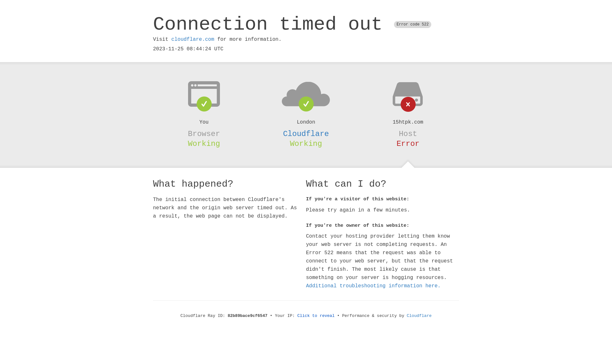 This screenshot has width=612, height=344. I want to click on 'cloudflare.com', so click(192, 39).